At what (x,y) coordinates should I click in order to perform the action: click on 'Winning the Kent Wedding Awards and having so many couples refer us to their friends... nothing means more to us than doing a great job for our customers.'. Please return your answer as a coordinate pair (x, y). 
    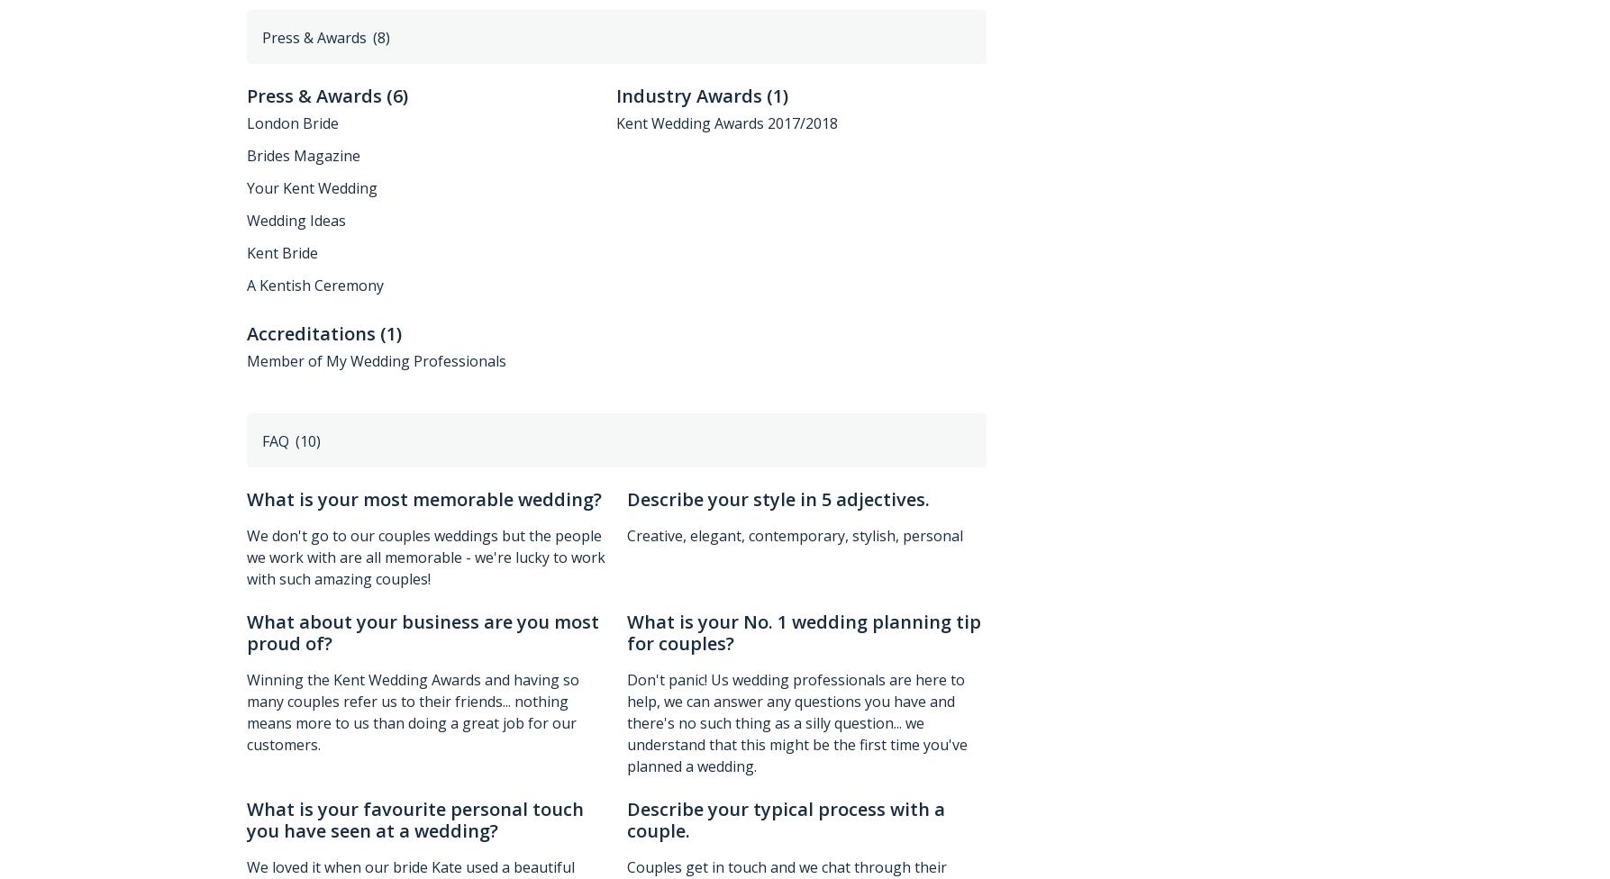
    Looking at the image, I should click on (412, 712).